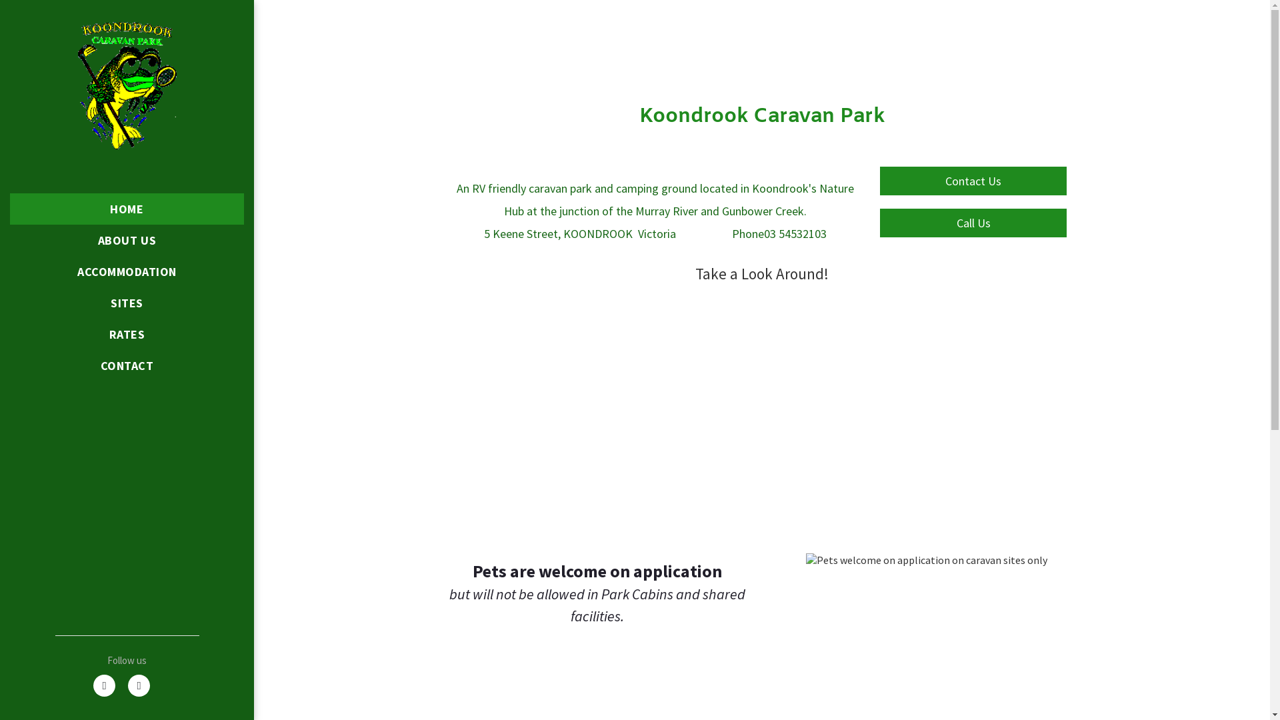  Describe the element at coordinates (127, 303) in the screenshot. I see `'SITES'` at that location.